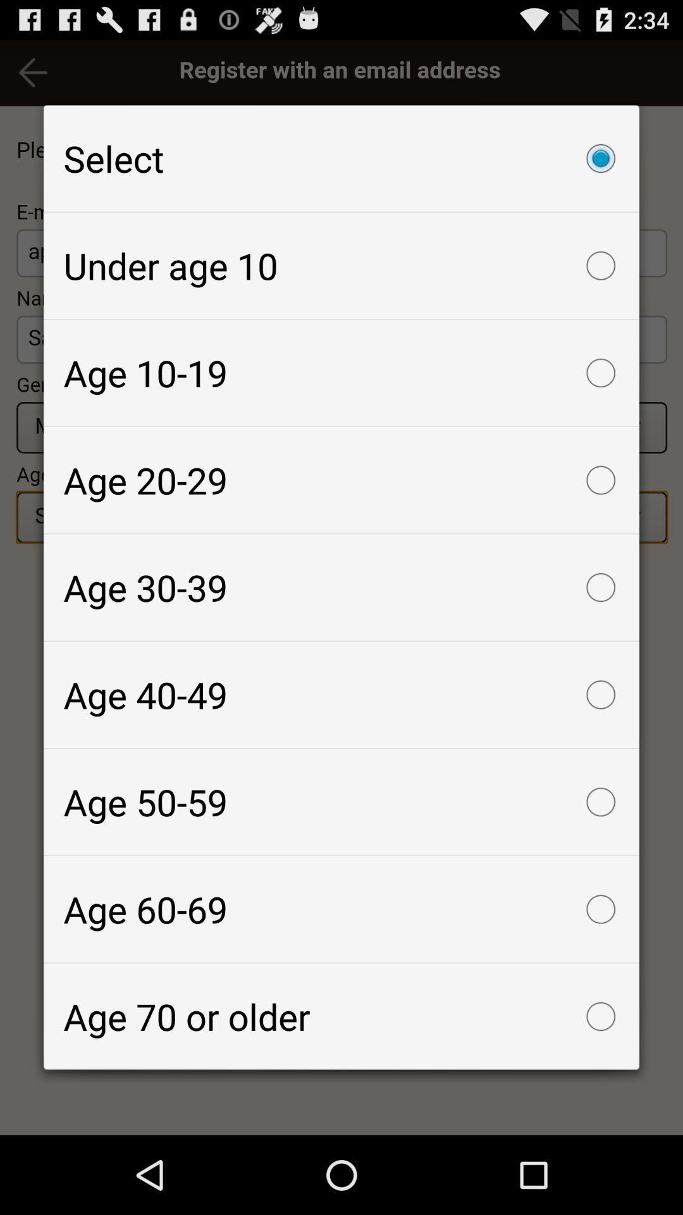  What do you see at coordinates (341, 587) in the screenshot?
I see `icon above age 40-49 icon` at bounding box center [341, 587].